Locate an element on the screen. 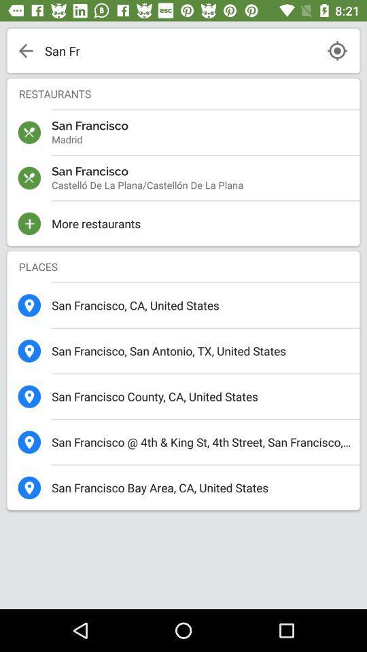 This screenshot has width=367, height=652. the san fr is located at coordinates (179, 50).